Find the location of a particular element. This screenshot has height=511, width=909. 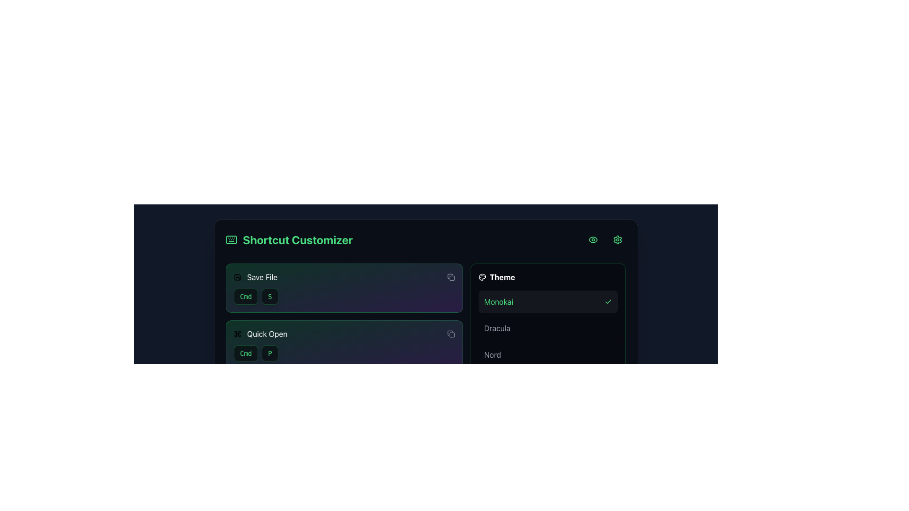

the 'Cmd' key display element, which visually indicates the key for the 'Quick Open' feature in the shortcut customization interface is located at coordinates (246, 353).